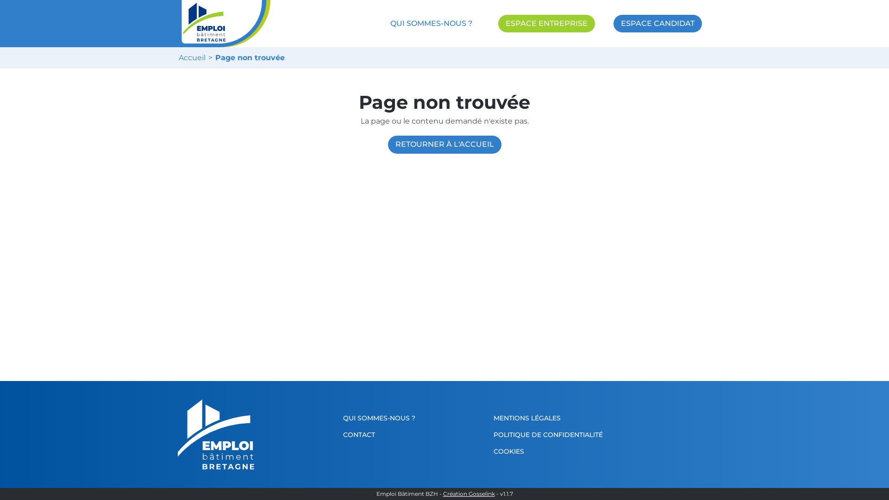 This screenshot has height=500, width=889. I want to click on 'ESPACE CANDIDAT', so click(657, 23).